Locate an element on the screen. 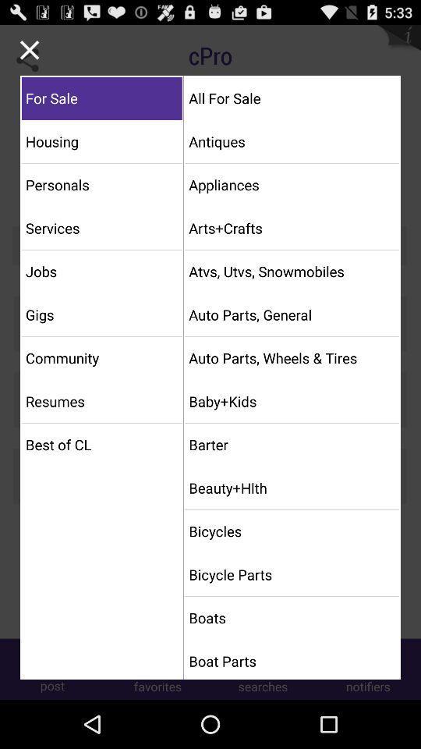 This screenshot has width=421, height=749. the bicycles item is located at coordinates (292, 531).